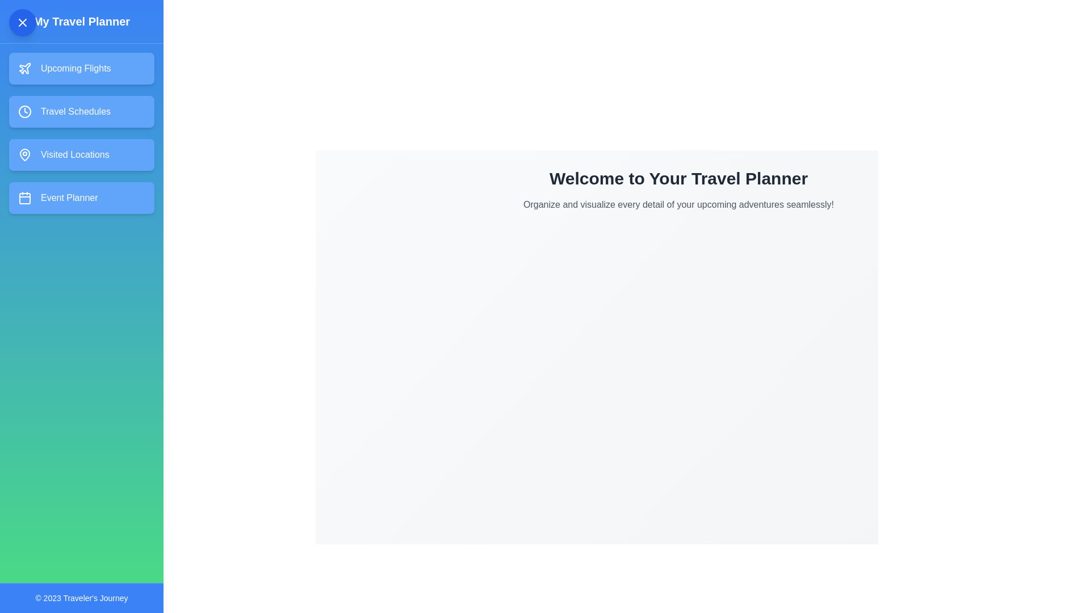 The height and width of the screenshot is (613, 1090). What do you see at coordinates (24, 198) in the screenshot?
I see `the decorative graphical element of the calendar icon located adjacent to the 'Event Planner' text label on the sidebar menu` at bounding box center [24, 198].